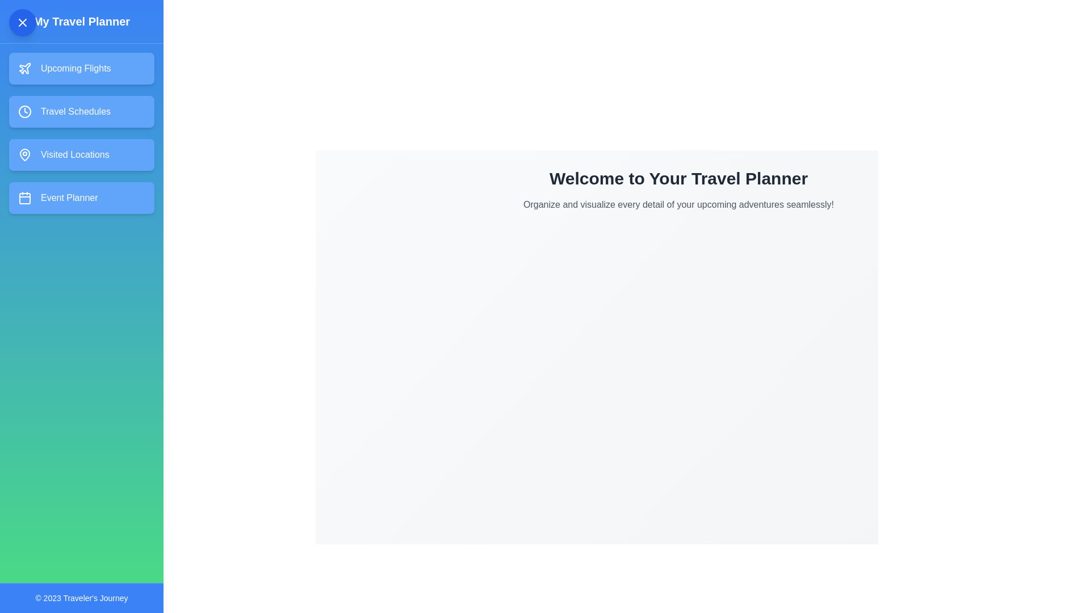 The height and width of the screenshot is (613, 1090). What do you see at coordinates (24, 198) in the screenshot?
I see `the decorative graphical element of the calendar icon located adjacent to the 'Event Planner' text label on the sidebar menu` at bounding box center [24, 198].